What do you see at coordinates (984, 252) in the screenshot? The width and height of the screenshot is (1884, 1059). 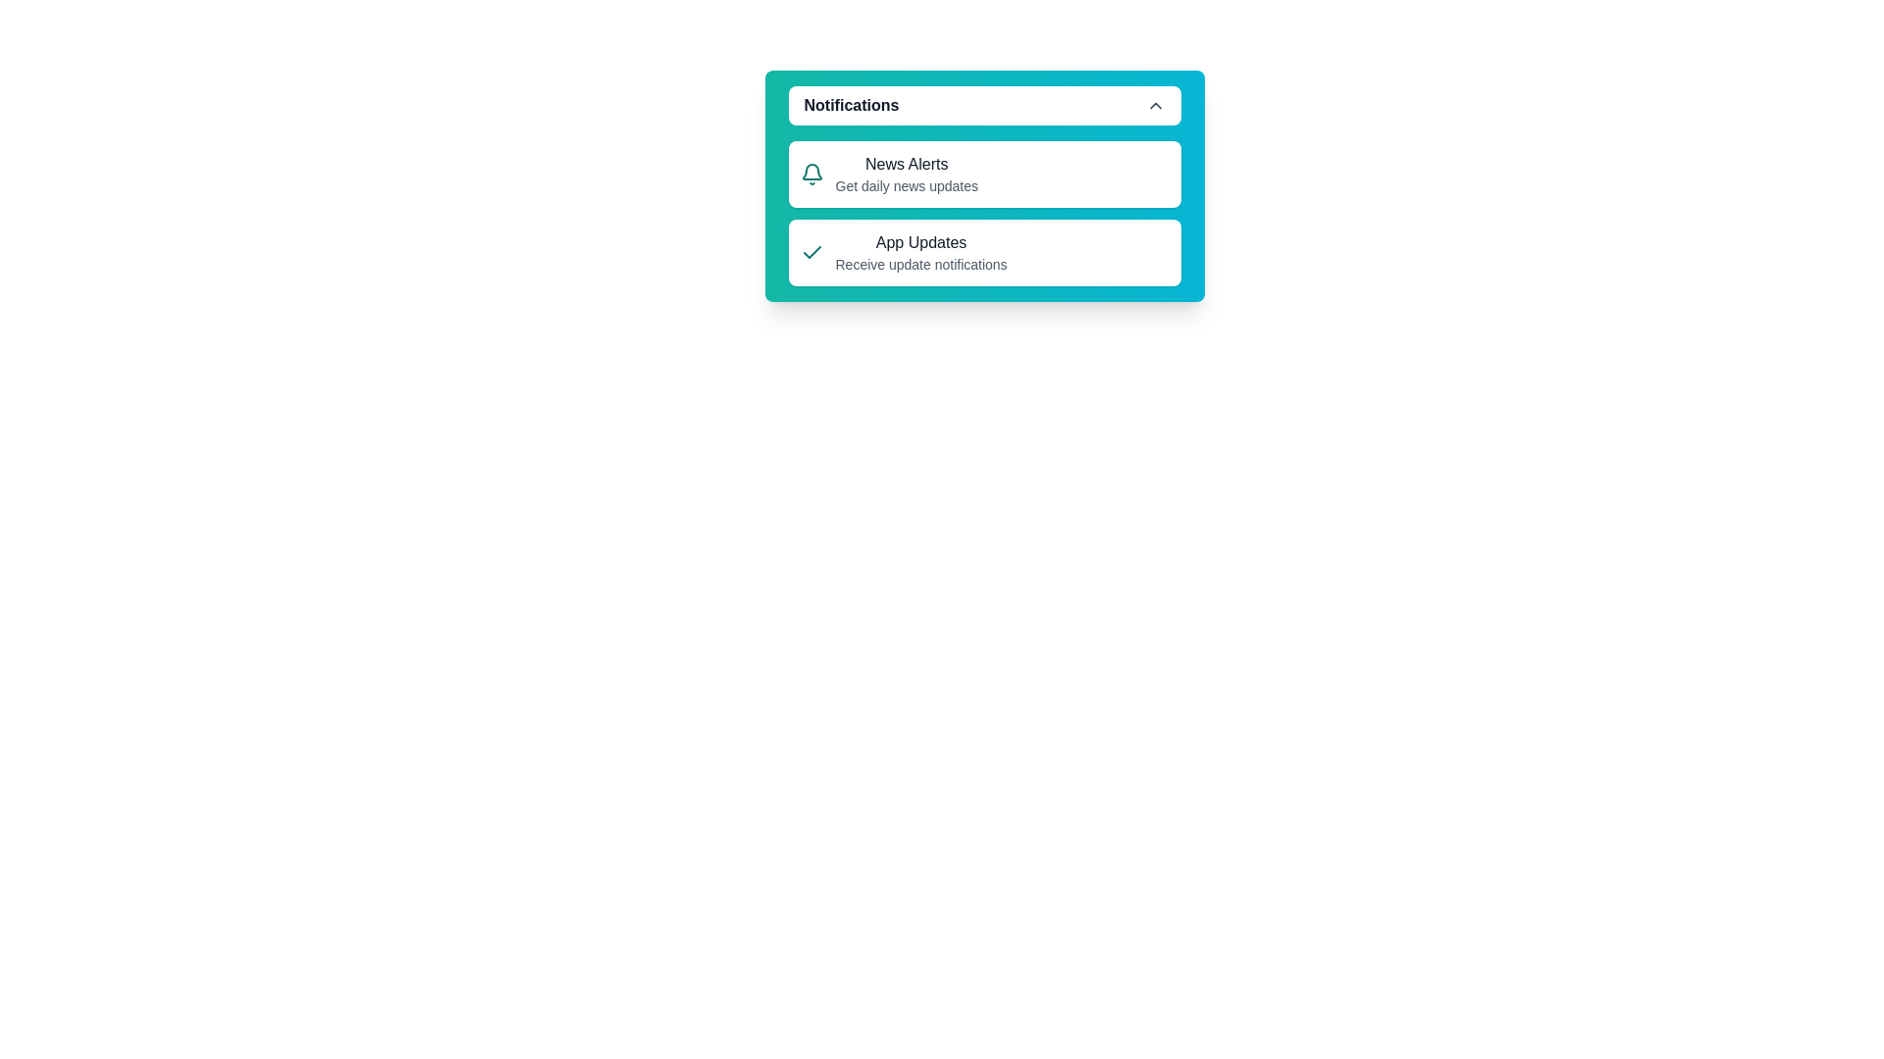 I see `the notification item App Updates to highlight it` at bounding box center [984, 252].